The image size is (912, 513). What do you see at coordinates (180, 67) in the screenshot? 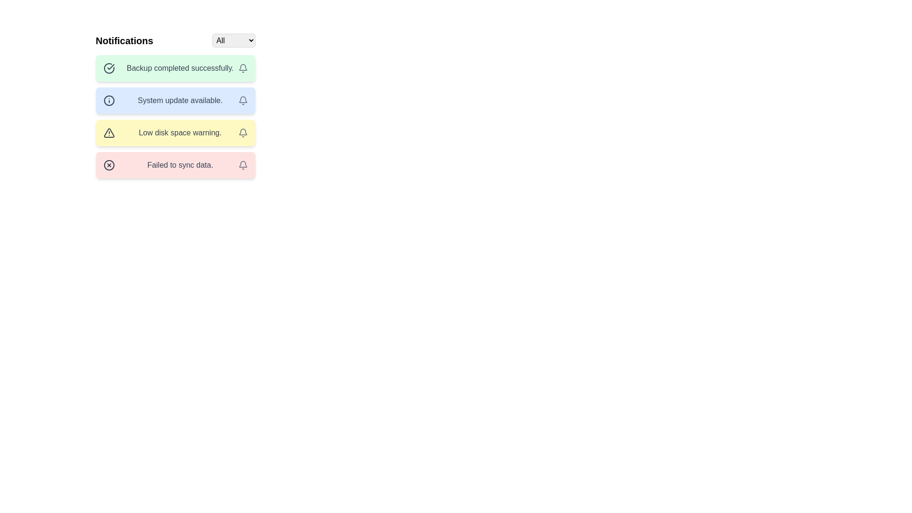
I see `message displayed in the Text Display Field that shows 'Backup completed successfully.'` at bounding box center [180, 67].